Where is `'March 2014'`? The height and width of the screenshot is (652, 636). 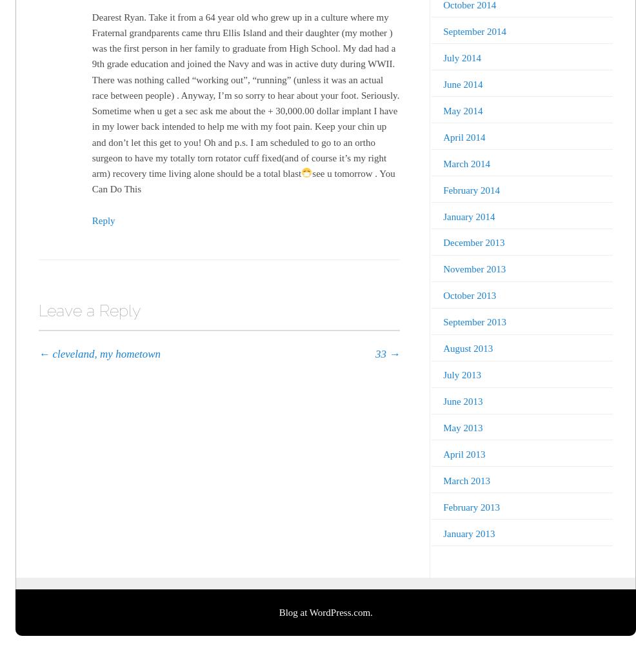
'March 2014' is located at coordinates (442, 163).